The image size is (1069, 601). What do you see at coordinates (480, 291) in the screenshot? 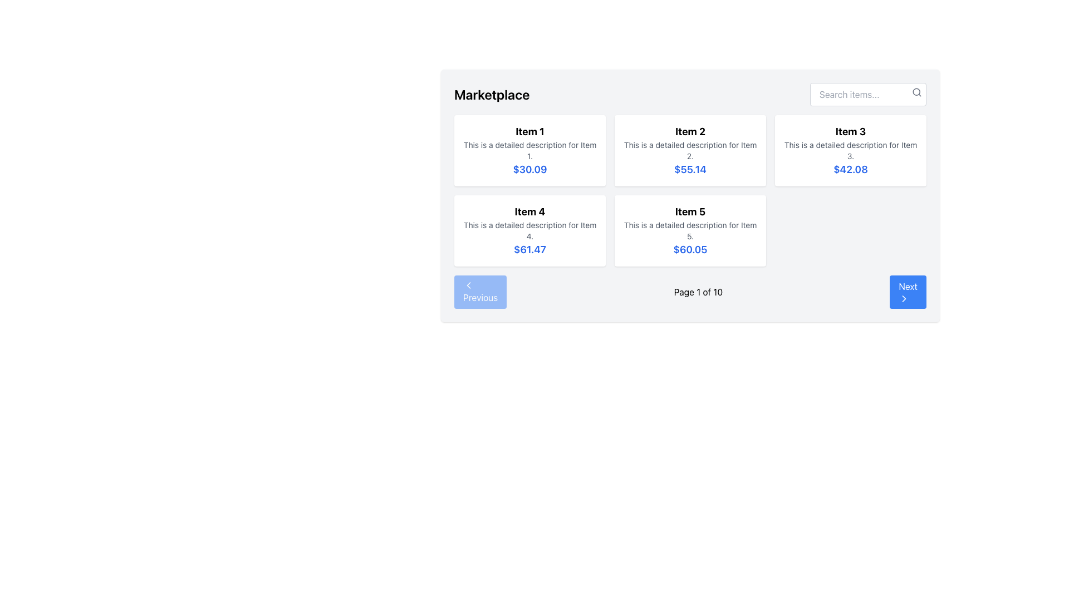
I see `the 'Previous' button, which is a rectangular button with a blue background and white text, located on the left edge of the pagination controls bar` at bounding box center [480, 291].